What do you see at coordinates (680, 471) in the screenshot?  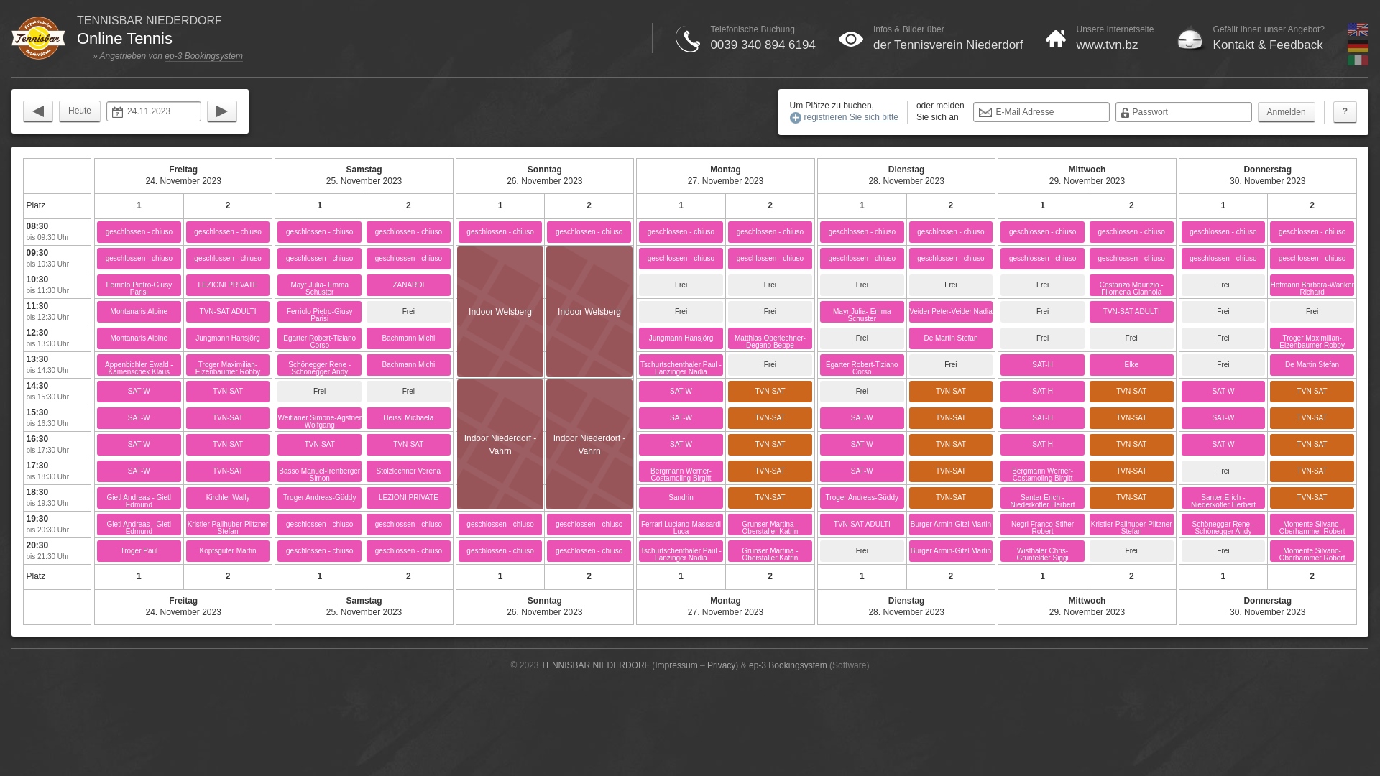 I see `'Bergmann Werner-Costamoling Birgitt'` at bounding box center [680, 471].